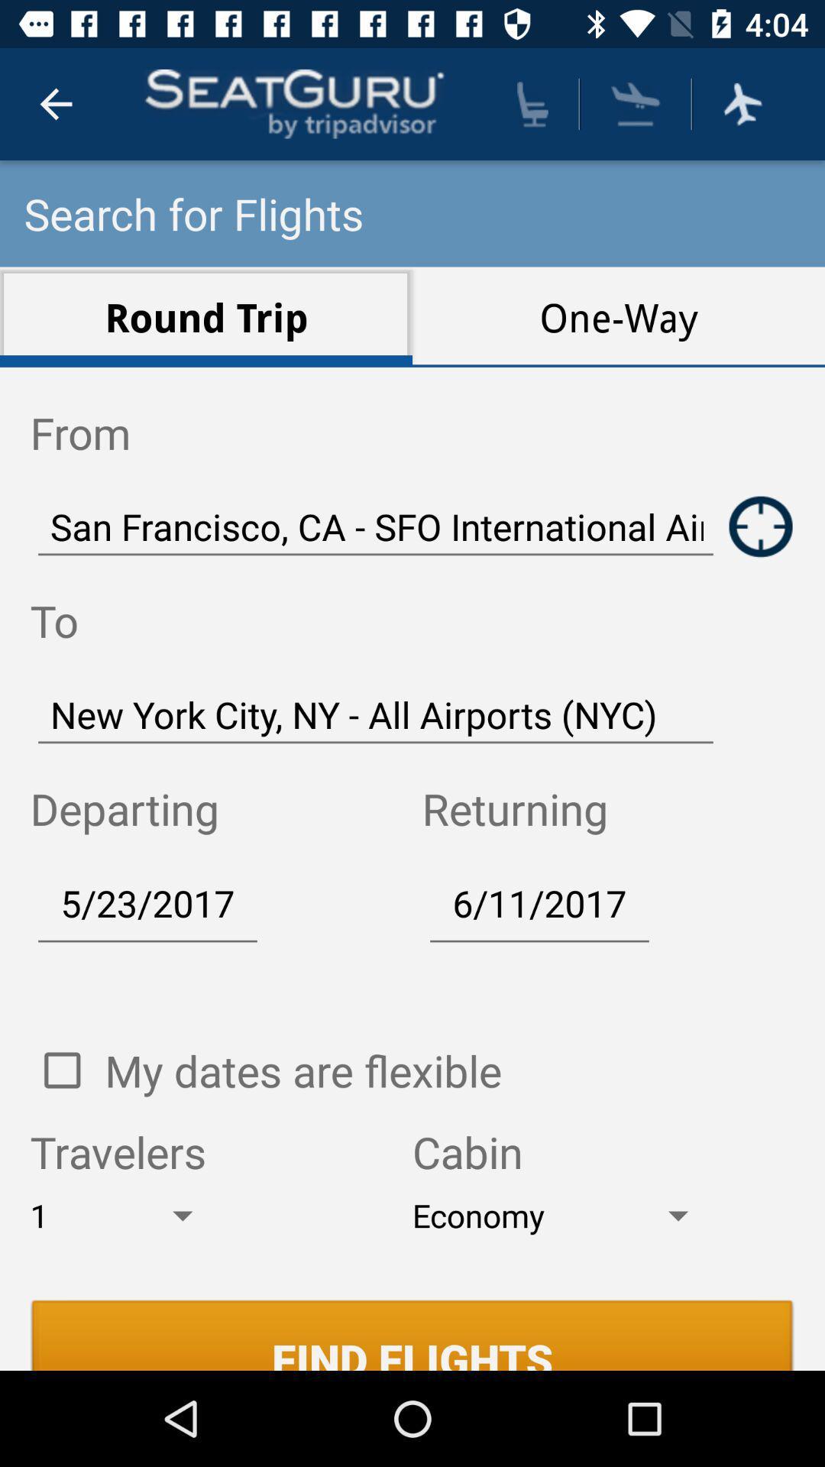 The image size is (825, 1467). Describe the element at coordinates (412, 1334) in the screenshot. I see `the item below the 1 icon` at that location.